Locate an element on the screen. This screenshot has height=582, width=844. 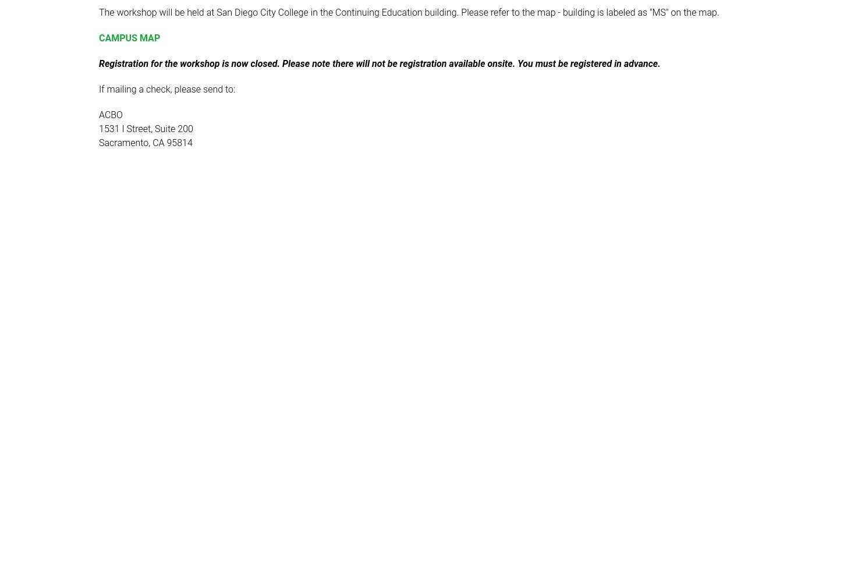
'The workshop will be held at San Diego City College in the Continuing Education building. Please refer to the map - building is labeled as "MS" on the map.' is located at coordinates (408, 12).